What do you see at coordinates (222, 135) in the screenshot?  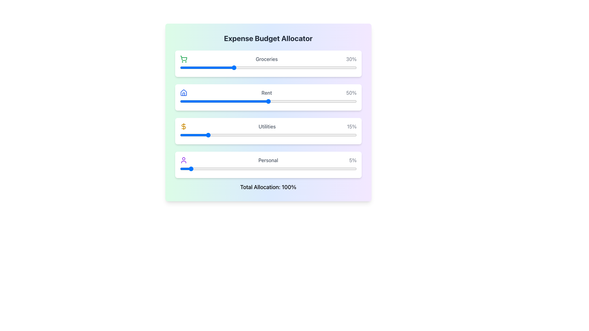 I see `the Utilities slider` at bounding box center [222, 135].